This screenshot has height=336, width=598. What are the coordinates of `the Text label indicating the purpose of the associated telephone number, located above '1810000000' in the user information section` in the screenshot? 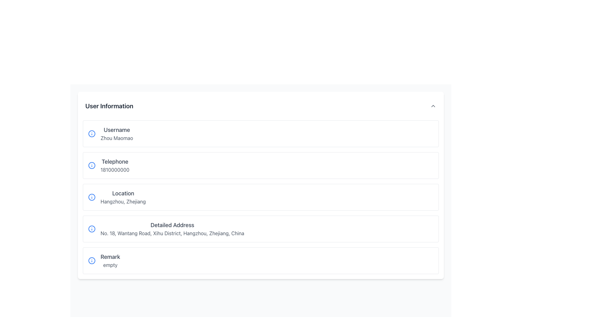 It's located at (115, 161).